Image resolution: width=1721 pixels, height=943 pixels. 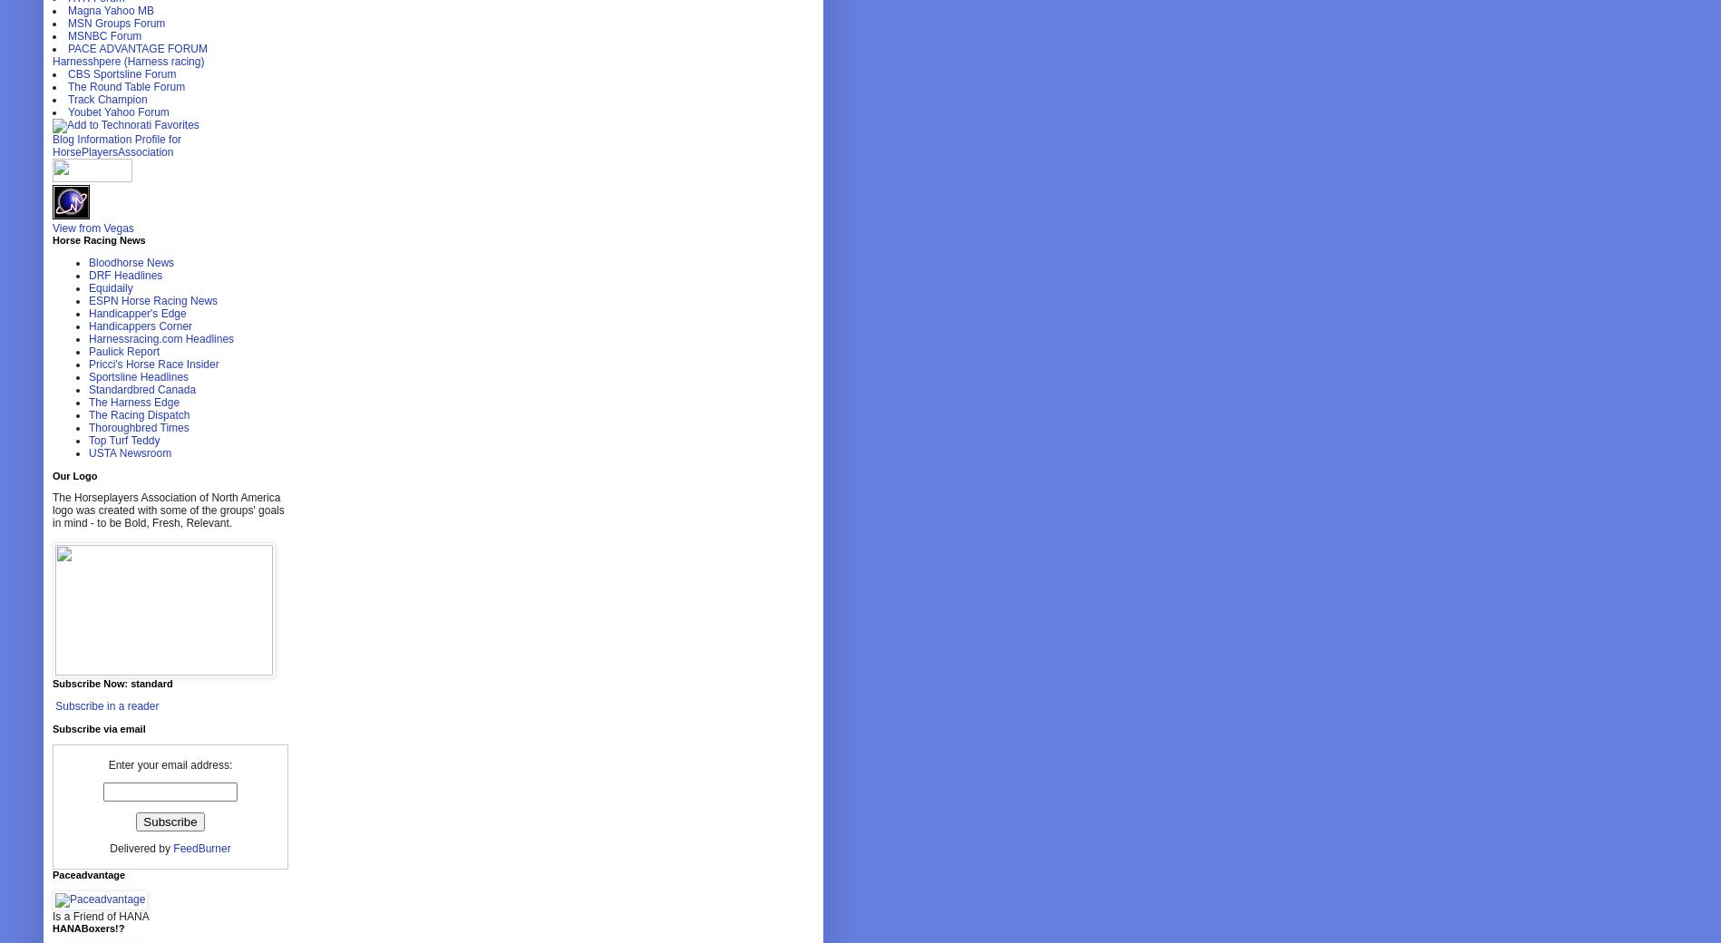 I want to click on 'MSN Groups Forum', so click(x=67, y=23).